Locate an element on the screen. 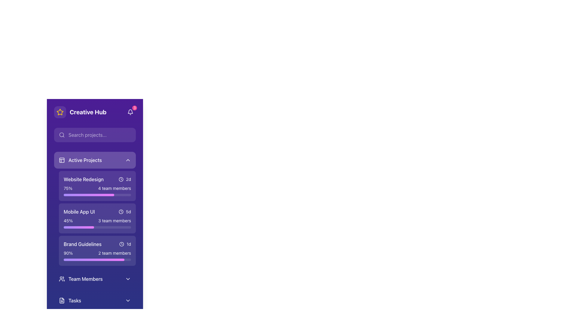 The image size is (577, 324). the chevron icon at the far right of the 'Tasks' section is located at coordinates (128, 301).